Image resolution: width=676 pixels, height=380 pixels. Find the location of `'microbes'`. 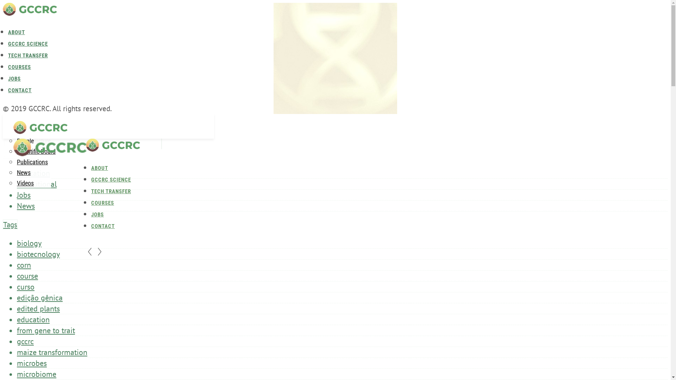

'microbes' is located at coordinates (31, 363).